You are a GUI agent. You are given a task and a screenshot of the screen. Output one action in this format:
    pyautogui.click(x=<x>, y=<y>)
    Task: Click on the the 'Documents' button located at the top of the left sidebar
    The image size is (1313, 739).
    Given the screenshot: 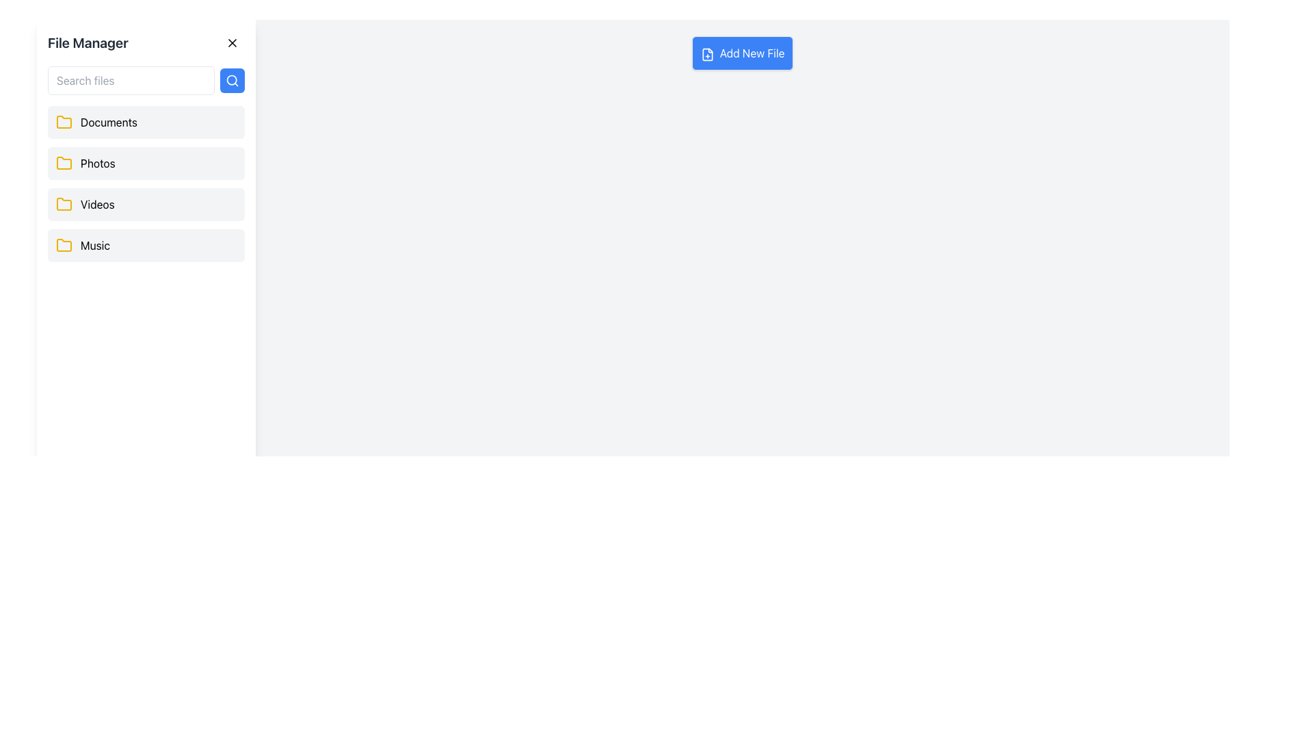 What is the action you would take?
    pyautogui.click(x=146, y=121)
    